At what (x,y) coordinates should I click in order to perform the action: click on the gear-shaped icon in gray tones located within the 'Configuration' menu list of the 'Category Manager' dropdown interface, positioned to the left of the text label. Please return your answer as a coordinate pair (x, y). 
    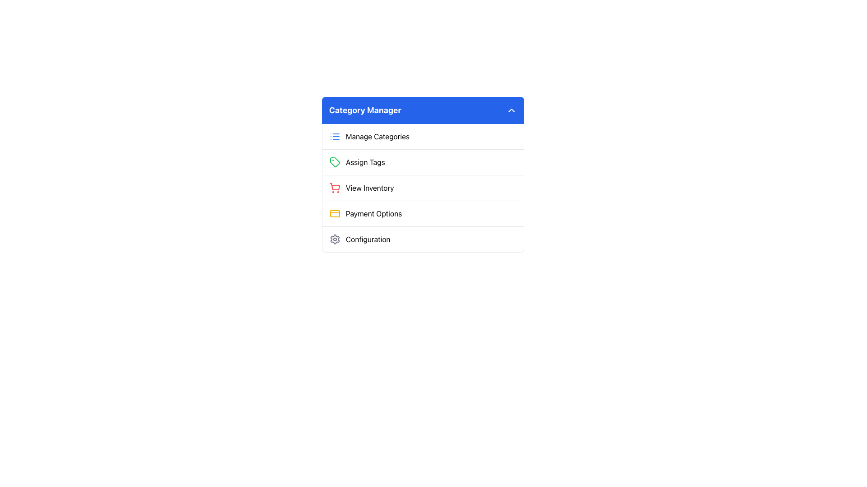
    Looking at the image, I should click on (335, 239).